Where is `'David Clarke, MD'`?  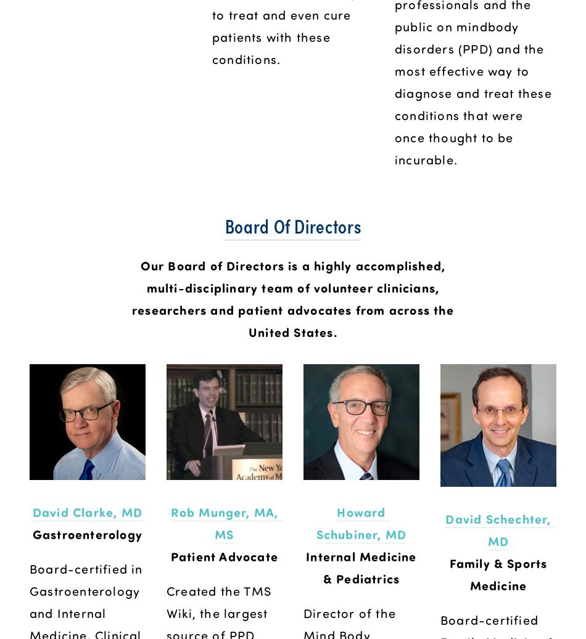 'David Clarke, MD' is located at coordinates (87, 511).